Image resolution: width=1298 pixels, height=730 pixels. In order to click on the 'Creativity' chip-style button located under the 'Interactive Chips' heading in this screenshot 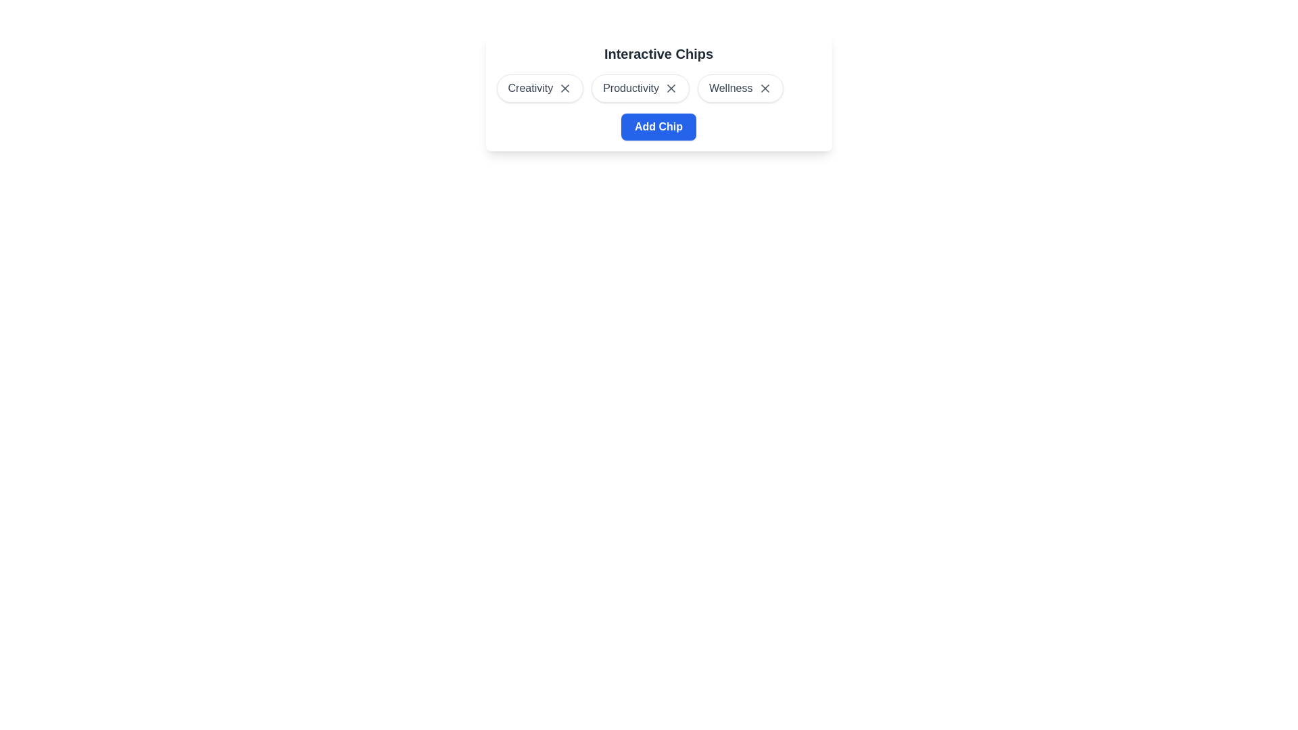, I will do `click(539, 89)`.